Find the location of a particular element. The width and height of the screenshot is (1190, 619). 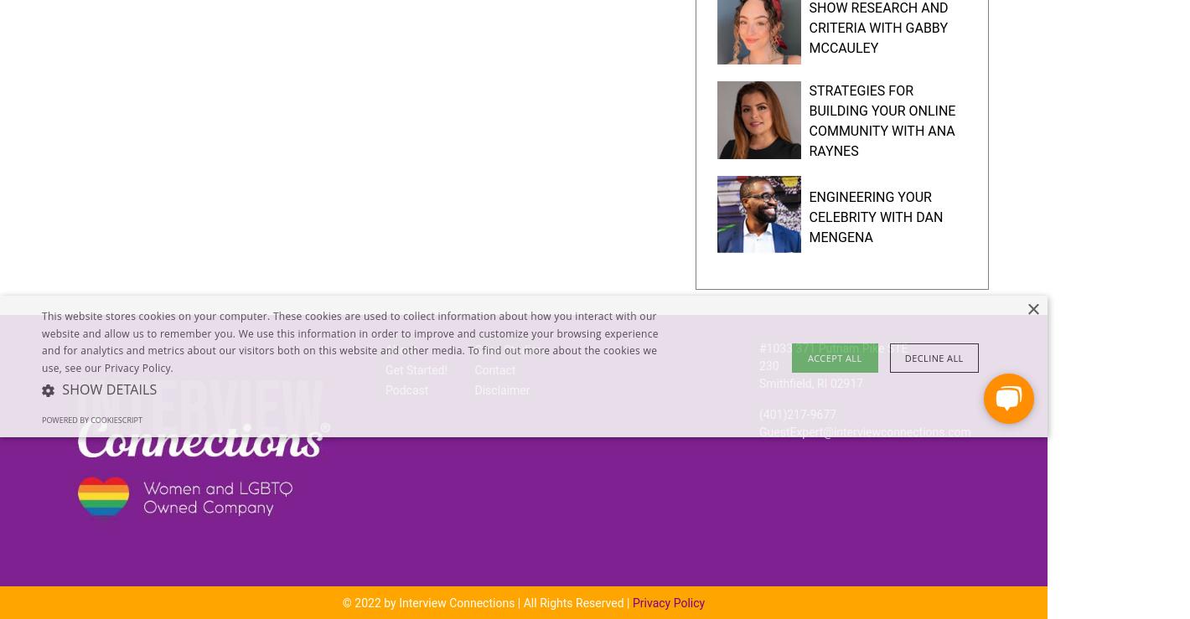

'Powered by CookieScript' is located at coordinates (91, 419).